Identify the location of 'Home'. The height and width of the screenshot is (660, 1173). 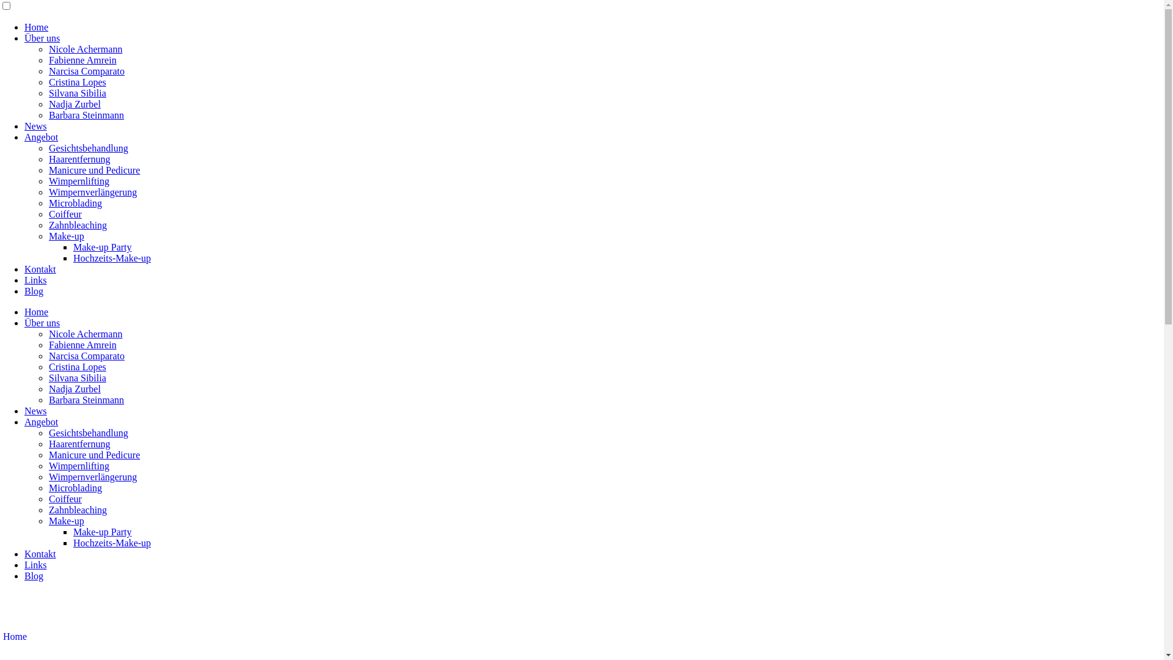
(24, 311).